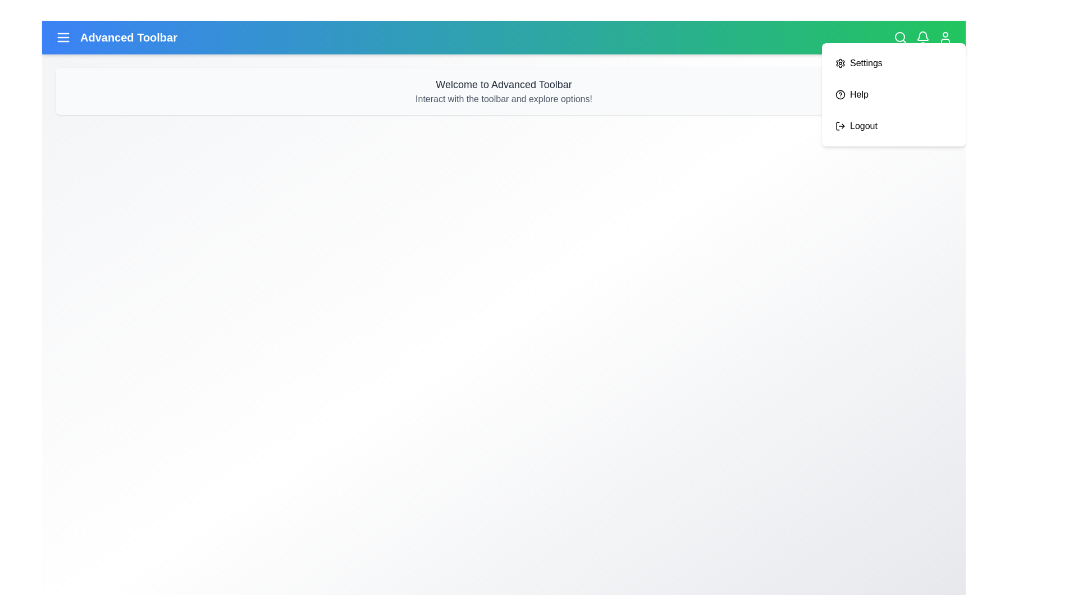 This screenshot has width=1078, height=606. I want to click on the 'Help' menu item to select it, so click(858, 94).